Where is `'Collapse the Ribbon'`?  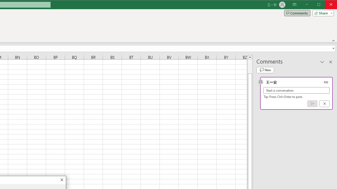 'Collapse the Ribbon' is located at coordinates (333, 40).